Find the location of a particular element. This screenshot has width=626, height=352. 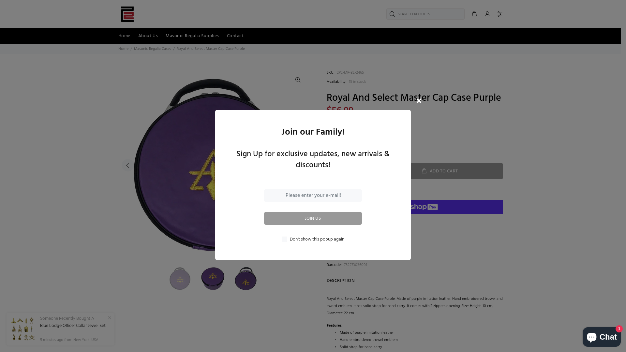

'Contact' is located at coordinates (223, 36).